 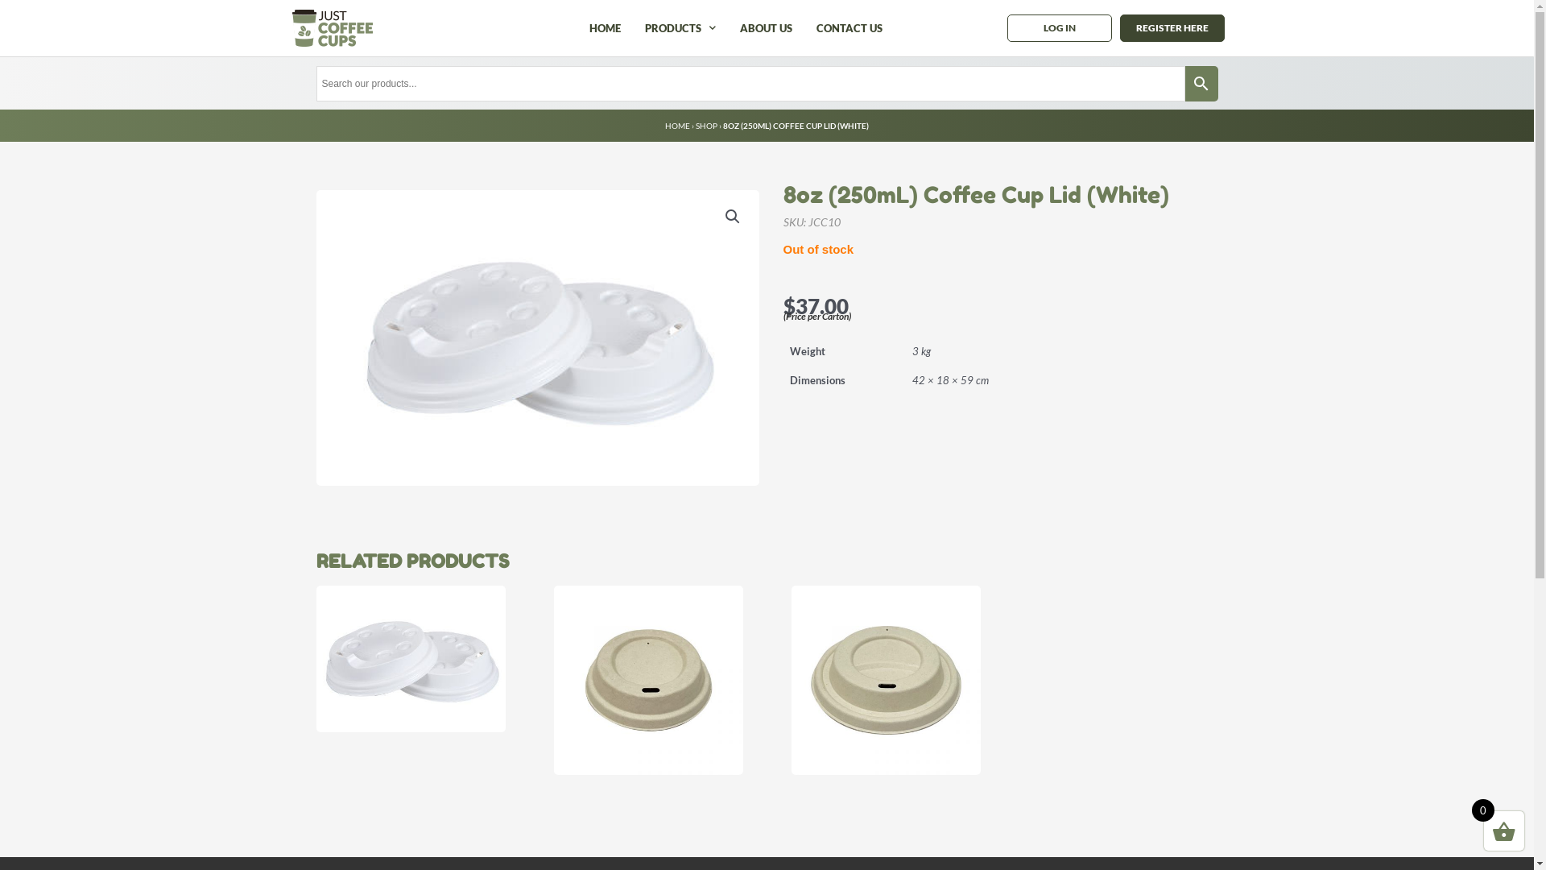 What do you see at coordinates (696, 124) in the screenshot?
I see `'SHOP'` at bounding box center [696, 124].